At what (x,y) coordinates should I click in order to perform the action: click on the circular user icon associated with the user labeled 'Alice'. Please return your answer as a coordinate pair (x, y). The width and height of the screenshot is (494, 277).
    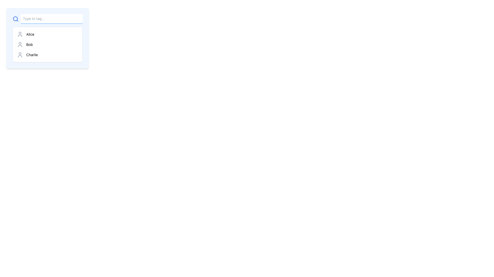
    Looking at the image, I should click on (20, 34).